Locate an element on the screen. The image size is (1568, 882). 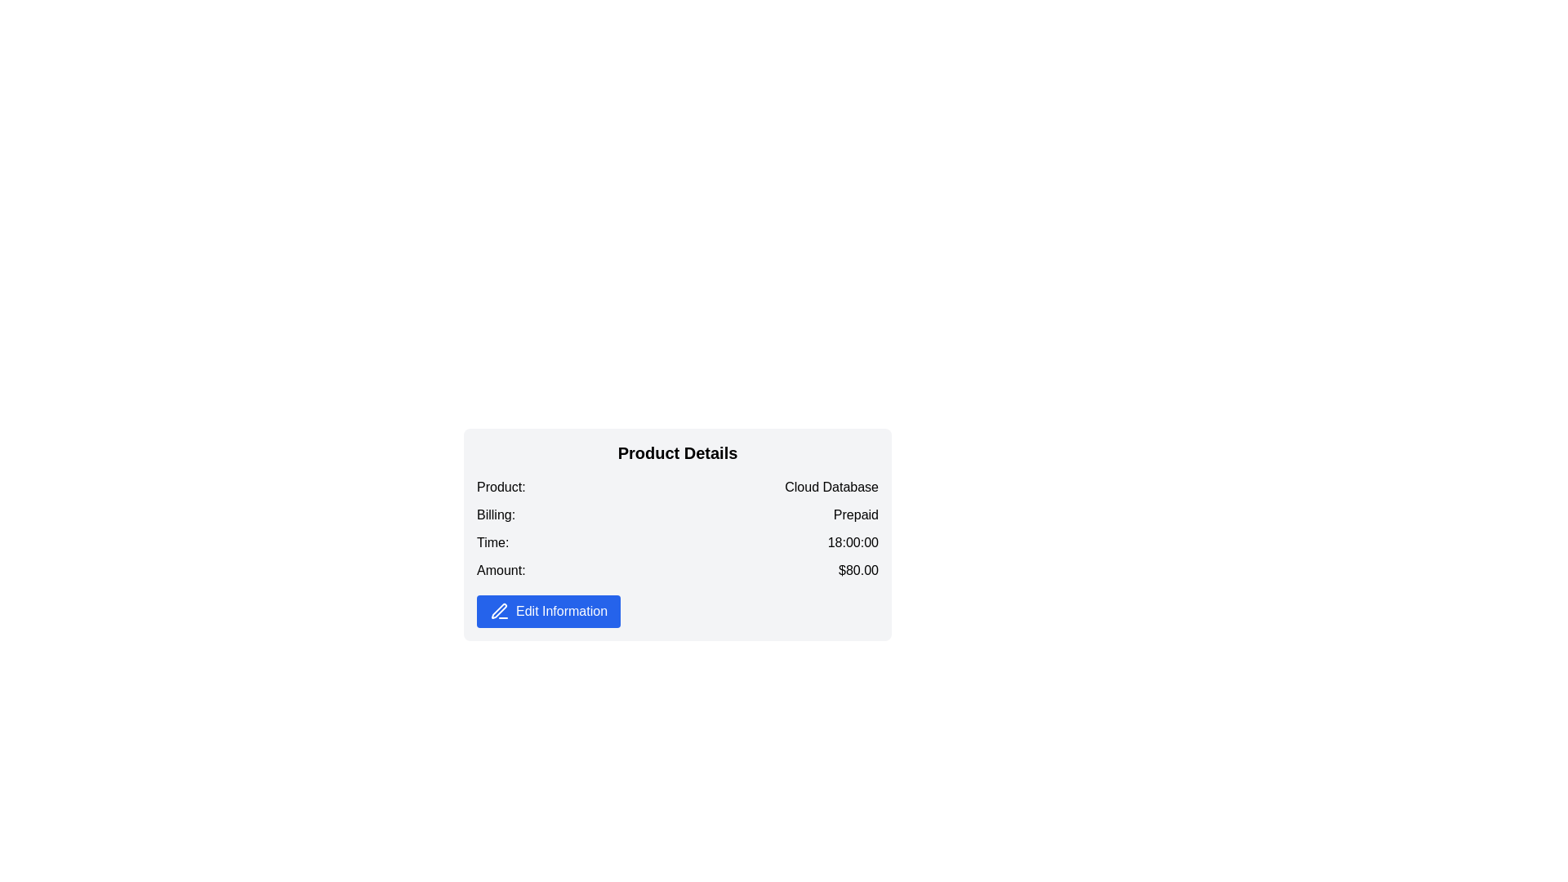
the static text label element that serves as a label for the time value '18:00:00' is located at coordinates (492, 544).